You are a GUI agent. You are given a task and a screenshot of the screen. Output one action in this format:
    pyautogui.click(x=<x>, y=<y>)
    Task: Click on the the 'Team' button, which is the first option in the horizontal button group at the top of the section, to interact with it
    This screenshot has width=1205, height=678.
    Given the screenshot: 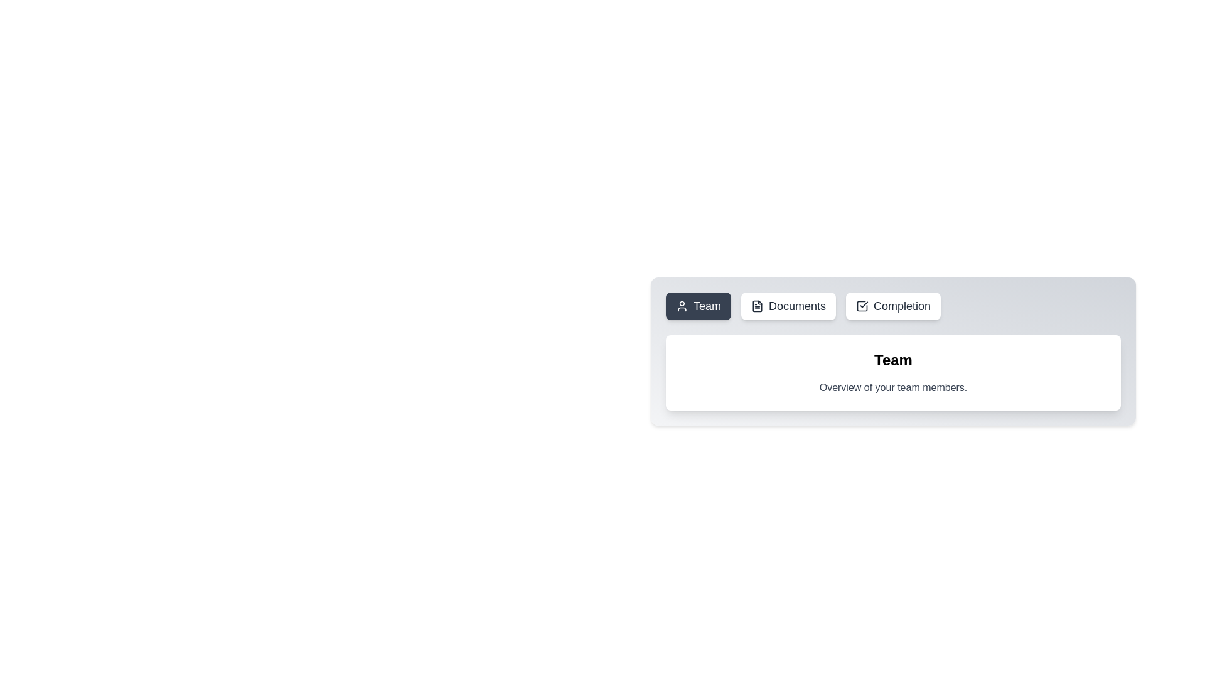 What is the action you would take?
    pyautogui.click(x=681, y=306)
    